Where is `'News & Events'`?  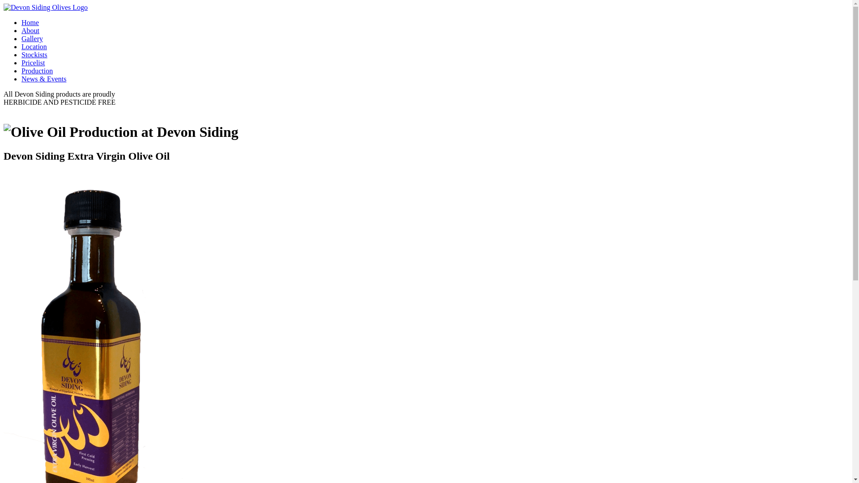
'News & Events' is located at coordinates (43, 78).